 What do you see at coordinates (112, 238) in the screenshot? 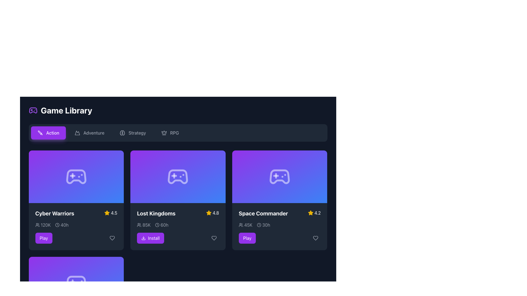
I see `the heart-shaped icon button located in the lower-right corner of the first game card in the second row of the grid` at bounding box center [112, 238].